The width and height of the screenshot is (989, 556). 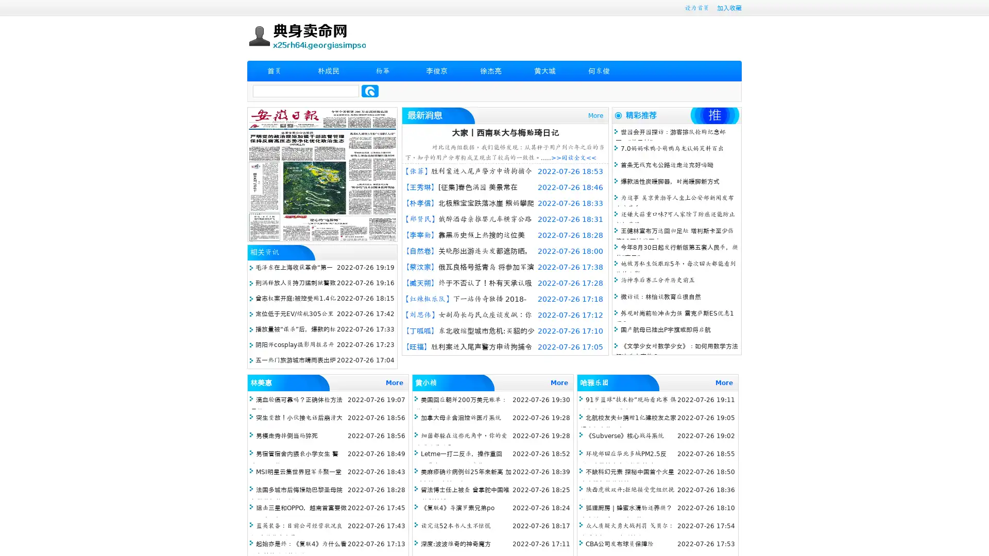 I want to click on Search, so click(x=370, y=91).